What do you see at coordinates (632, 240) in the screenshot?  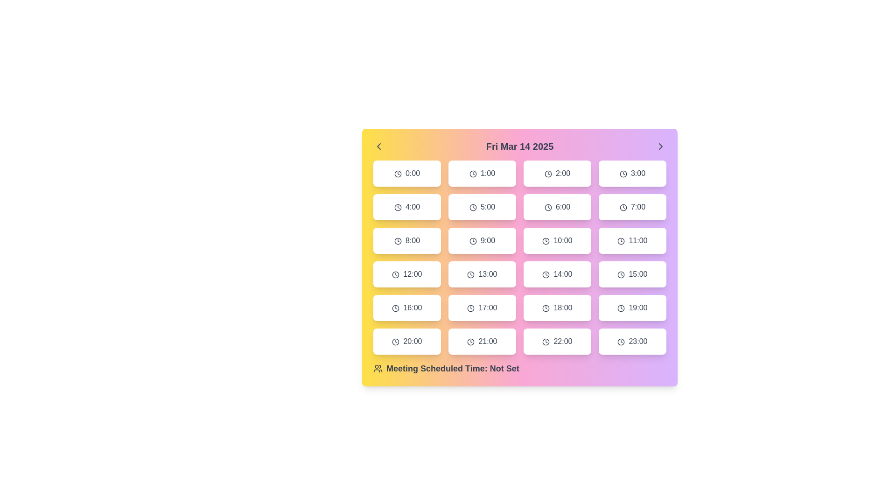 I see `the selectable time slot button located in the third column of the third row of a four-column grid` at bounding box center [632, 240].